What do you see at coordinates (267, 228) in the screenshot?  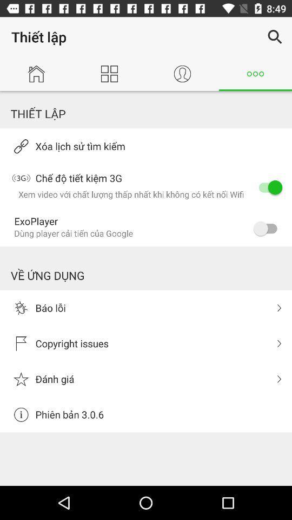 I see `the item to the right of the exoplayer item` at bounding box center [267, 228].